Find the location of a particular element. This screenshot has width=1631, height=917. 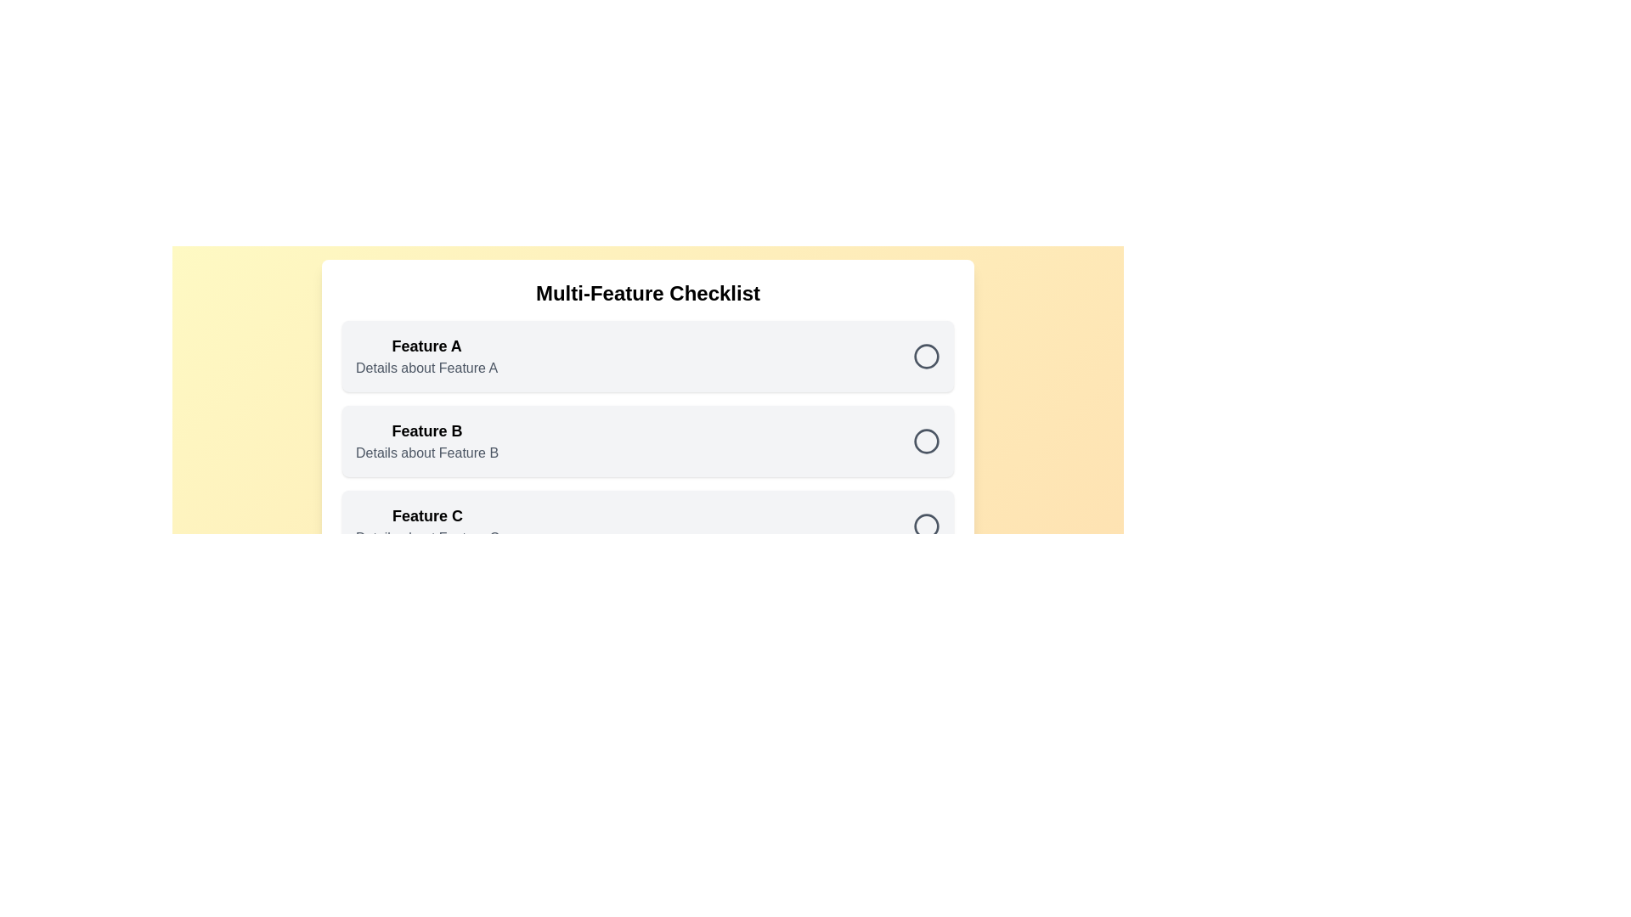

the checklist item corresponding to Feature A is located at coordinates (647, 356).